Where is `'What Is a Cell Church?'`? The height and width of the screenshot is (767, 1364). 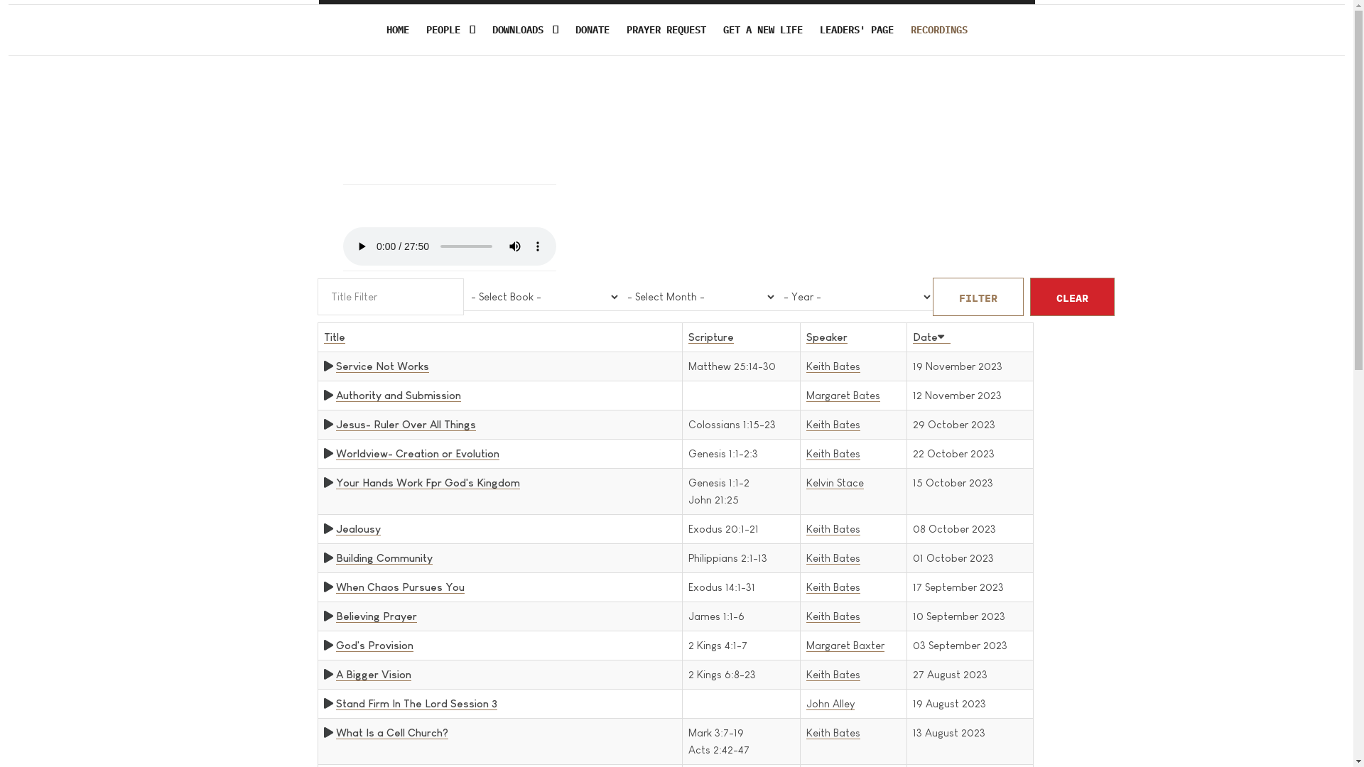
'What Is a Cell Church?' is located at coordinates (391, 733).